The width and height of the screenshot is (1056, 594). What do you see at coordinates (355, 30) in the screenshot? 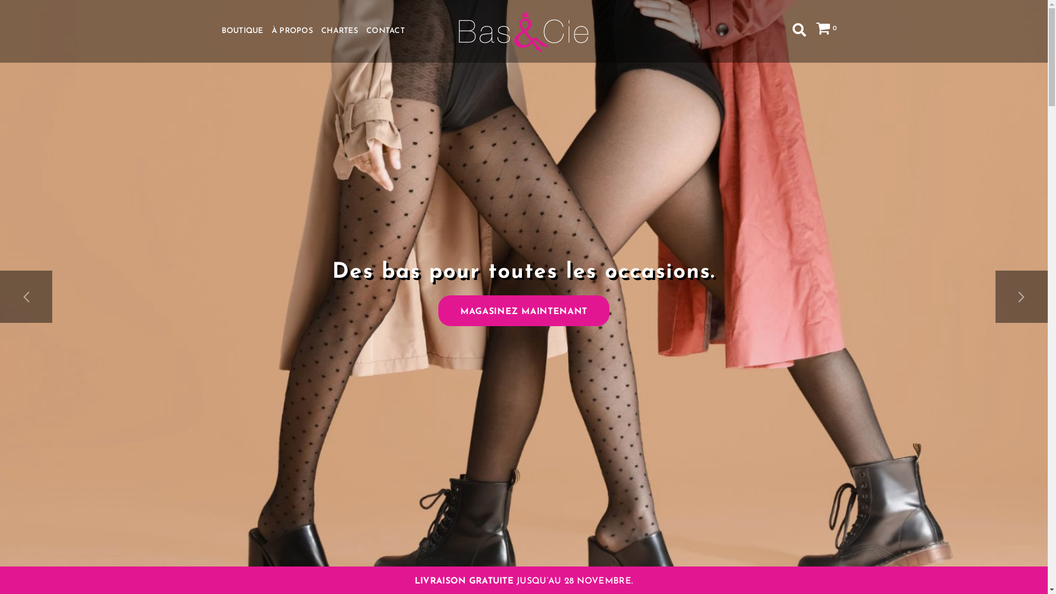
I see `'CONTACT'` at bounding box center [355, 30].